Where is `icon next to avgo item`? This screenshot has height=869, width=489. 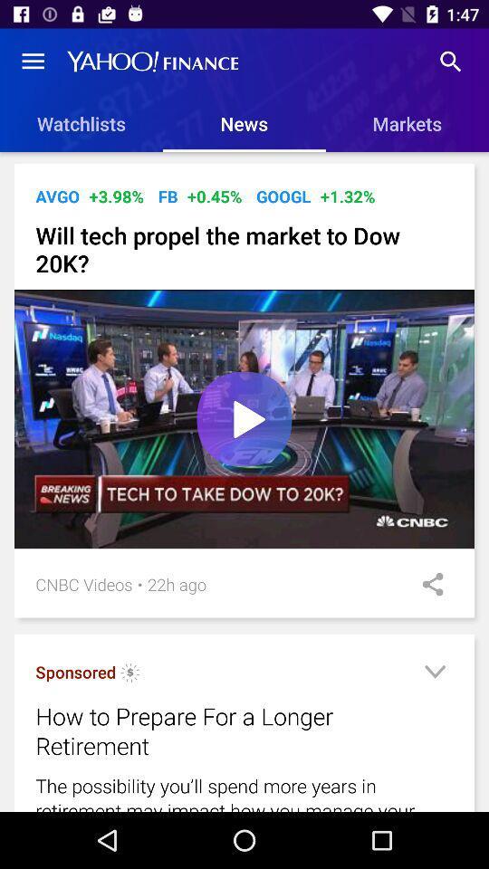 icon next to avgo item is located at coordinates (116, 196).